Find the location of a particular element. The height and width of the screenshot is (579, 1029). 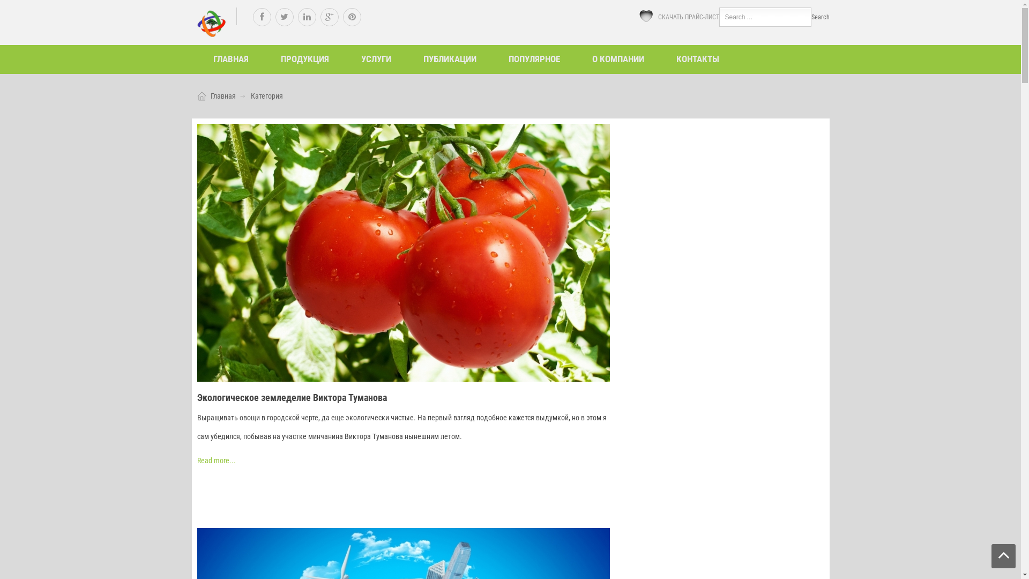

'Read more...' is located at coordinates (215, 460).